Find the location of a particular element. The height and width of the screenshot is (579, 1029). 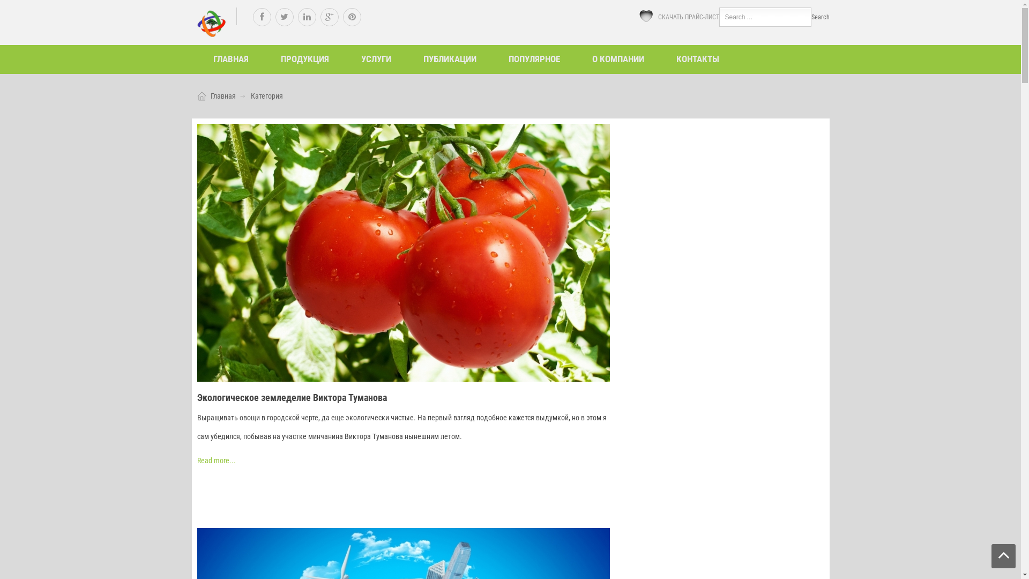

'Read more...' is located at coordinates (215, 460).